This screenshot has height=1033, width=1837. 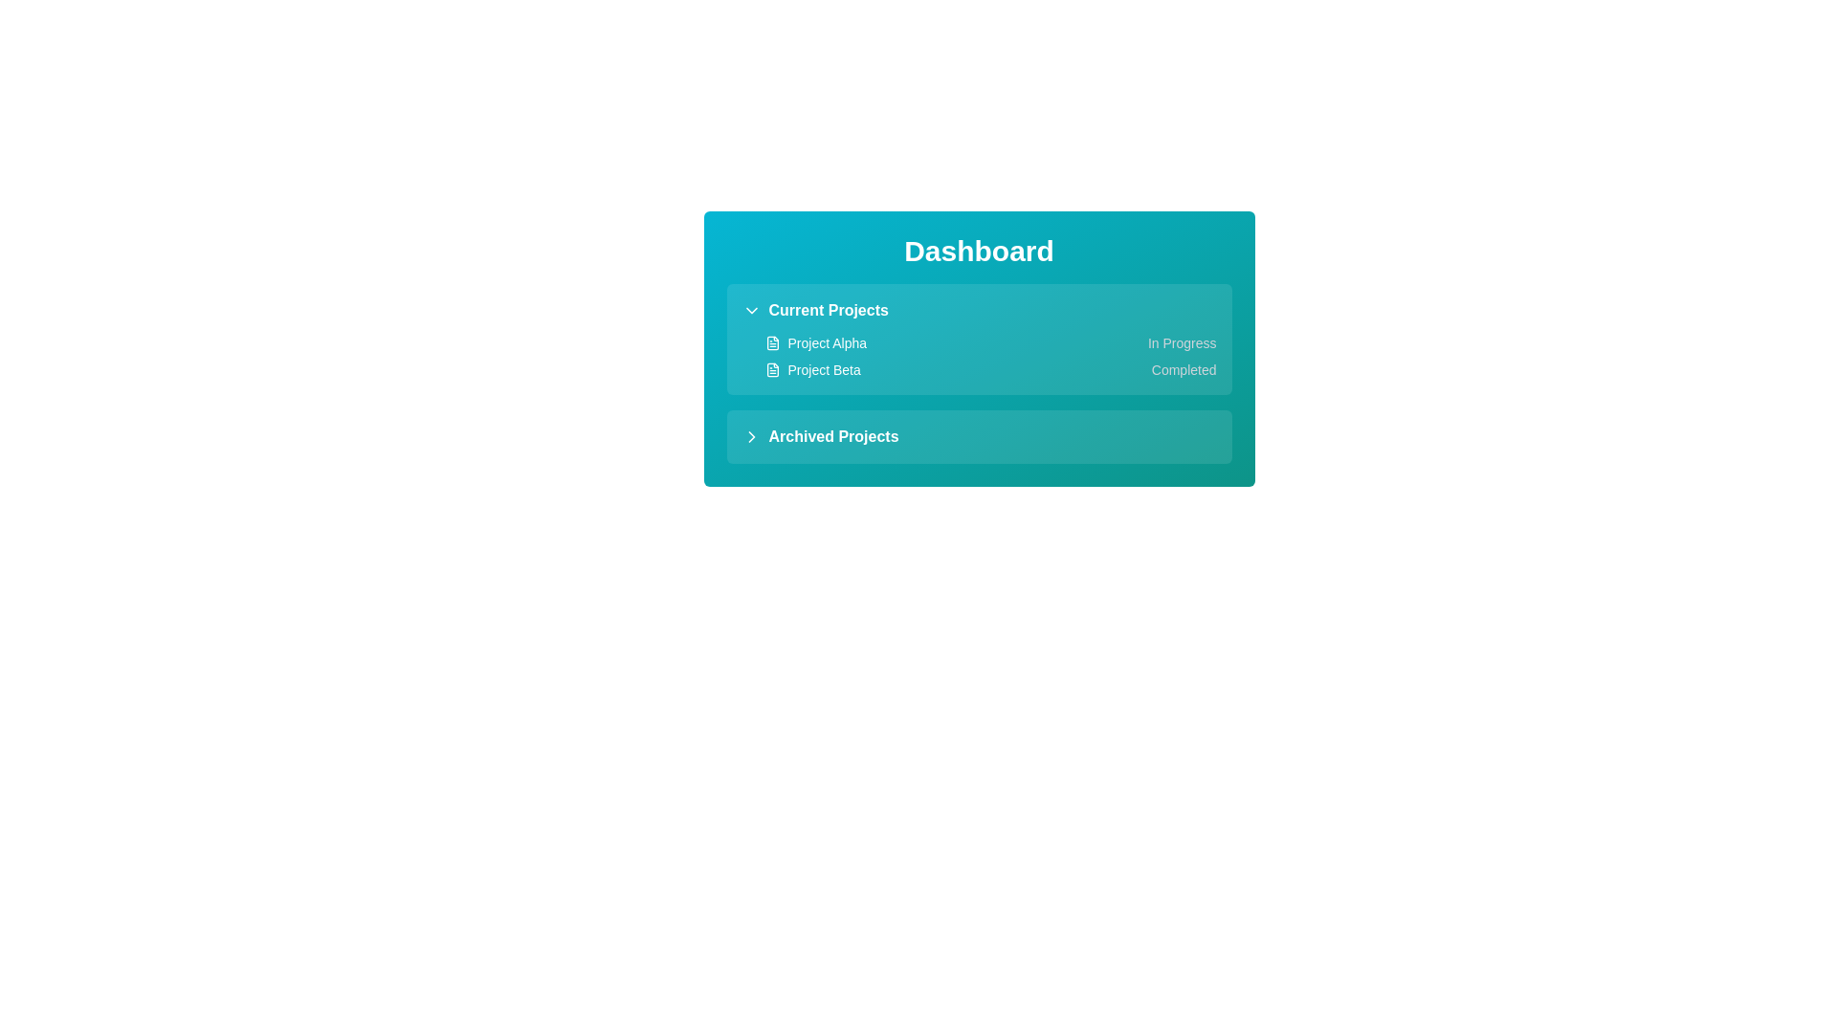 I want to click on the chevron icon located to the left of the 'Archived Projects' label in the Dashboard section for visual feedback, so click(x=750, y=436).